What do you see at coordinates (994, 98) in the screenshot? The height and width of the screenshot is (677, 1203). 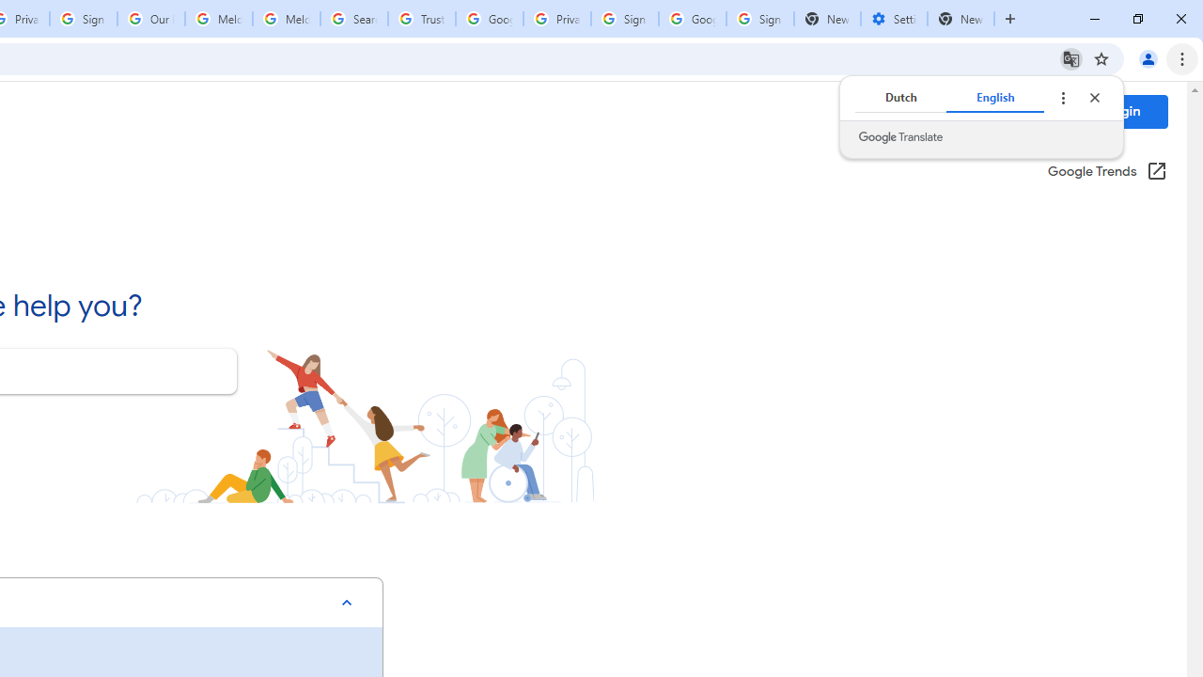 I see `'English'` at bounding box center [994, 98].